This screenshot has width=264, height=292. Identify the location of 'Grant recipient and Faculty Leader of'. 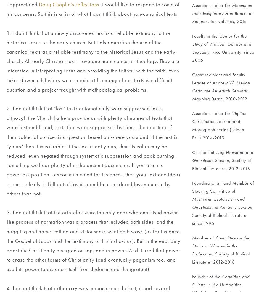
(219, 79).